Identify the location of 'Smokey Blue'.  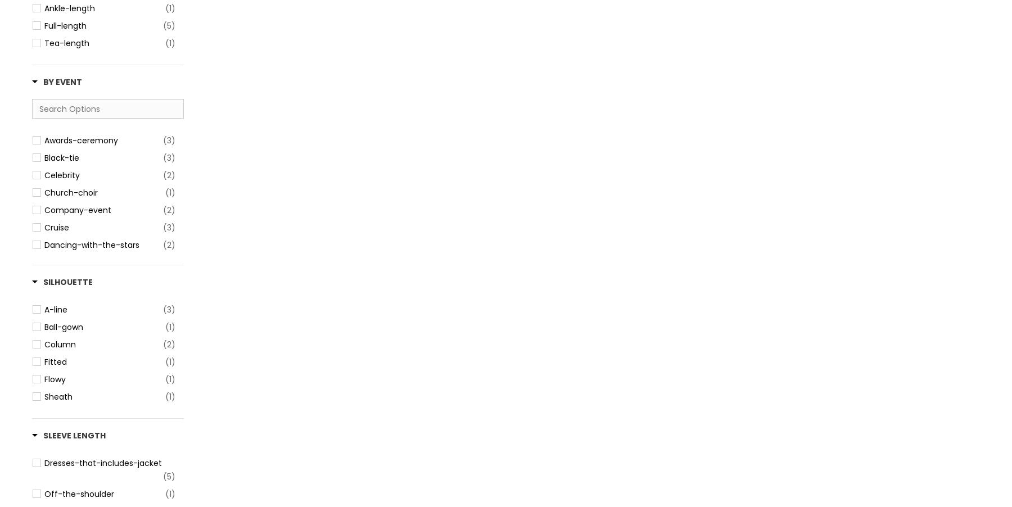
(69, 48).